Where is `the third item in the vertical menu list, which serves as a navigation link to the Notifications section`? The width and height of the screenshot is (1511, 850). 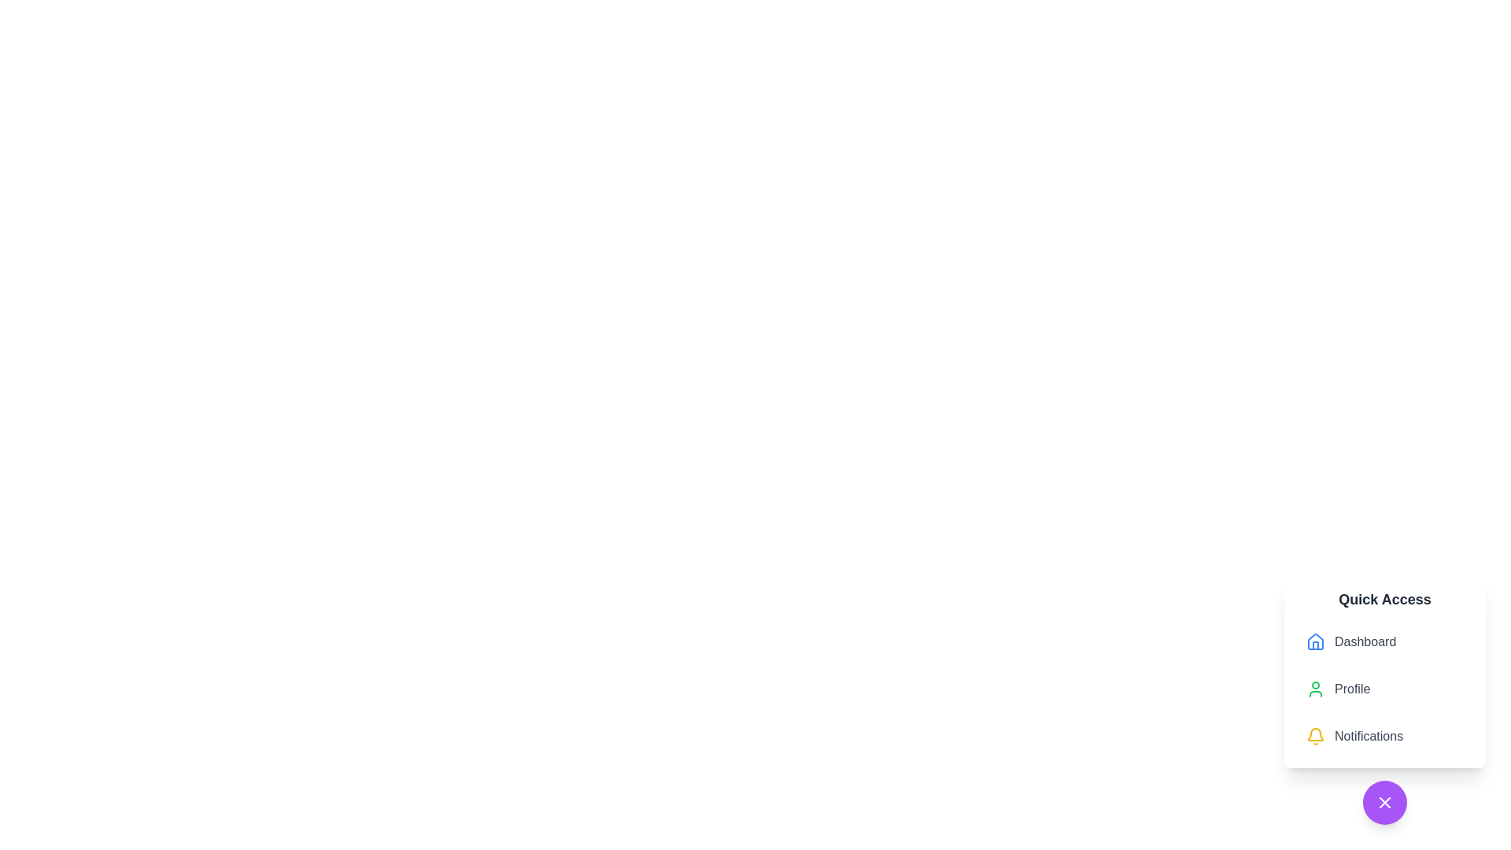 the third item in the vertical menu list, which serves as a navigation link to the Notifications section is located at coordinates (1385, 737).